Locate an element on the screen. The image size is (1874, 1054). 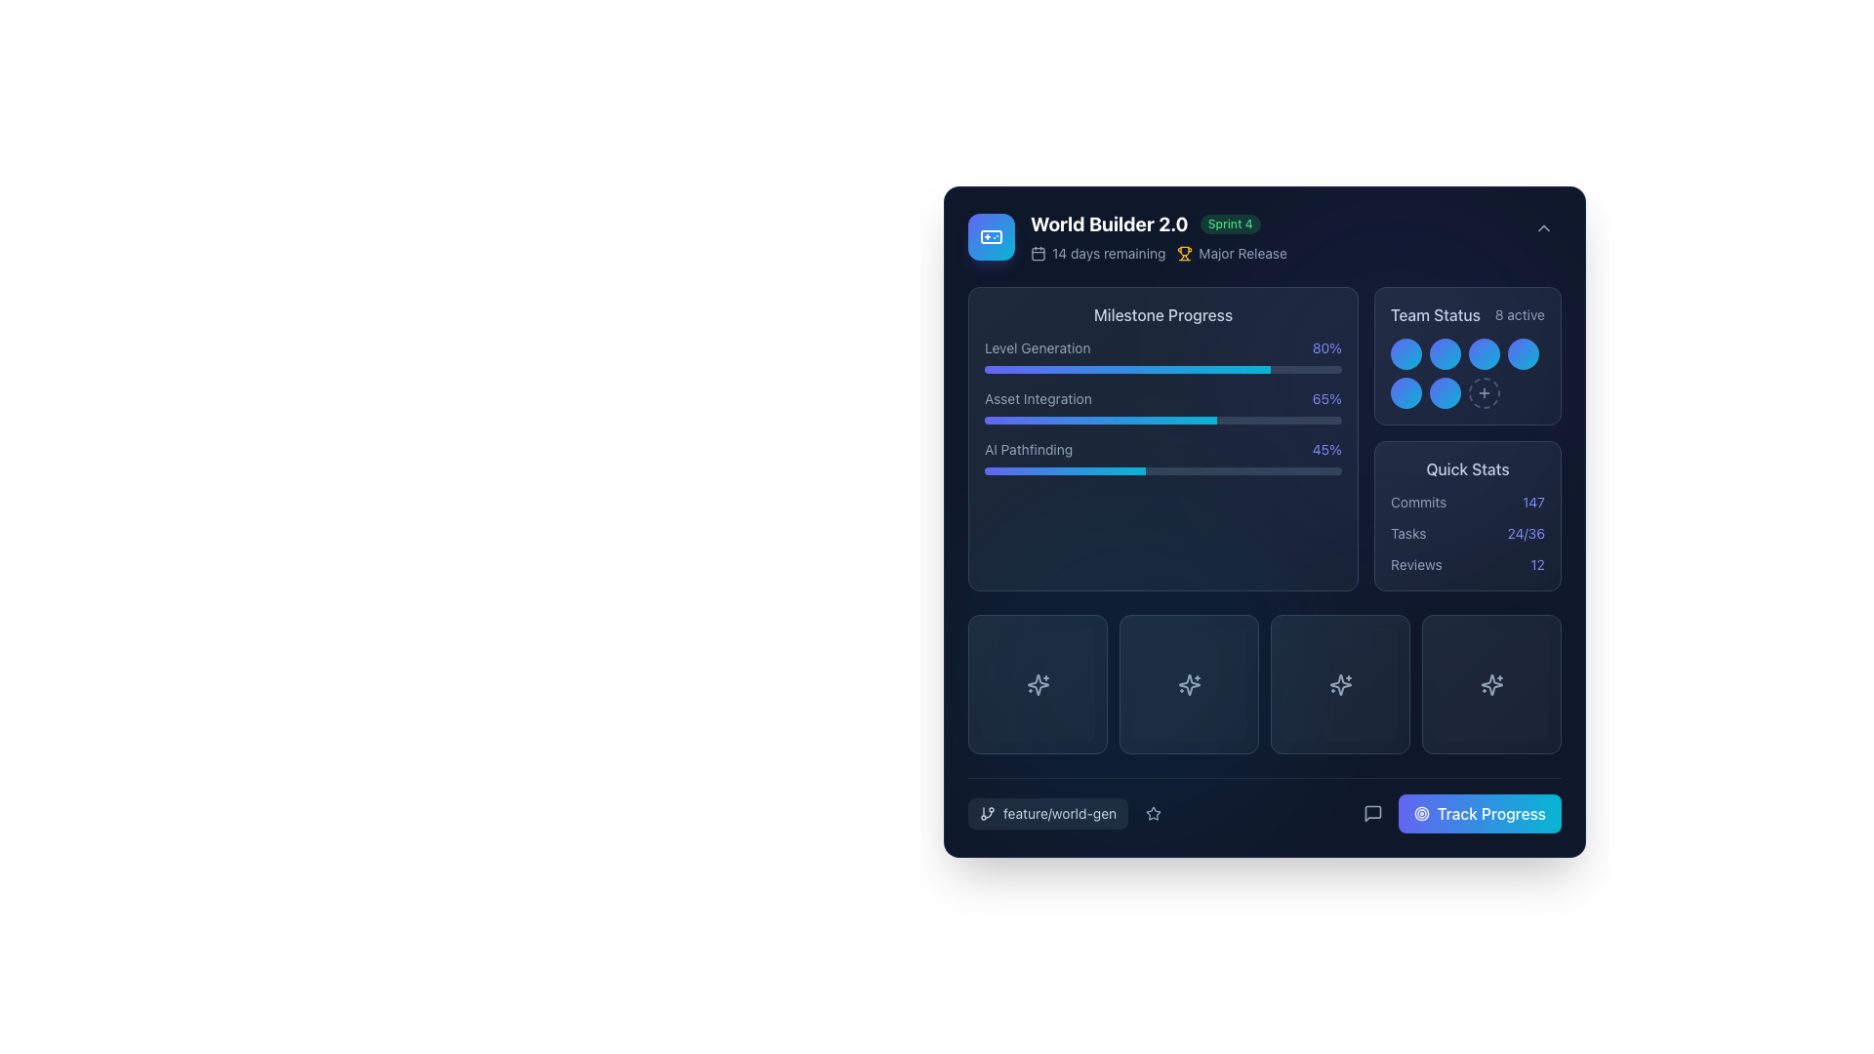
the button located in the lower left part of a group of four similar elements below the 'Milestone Progress' section is located at coordinates (1037, 683).